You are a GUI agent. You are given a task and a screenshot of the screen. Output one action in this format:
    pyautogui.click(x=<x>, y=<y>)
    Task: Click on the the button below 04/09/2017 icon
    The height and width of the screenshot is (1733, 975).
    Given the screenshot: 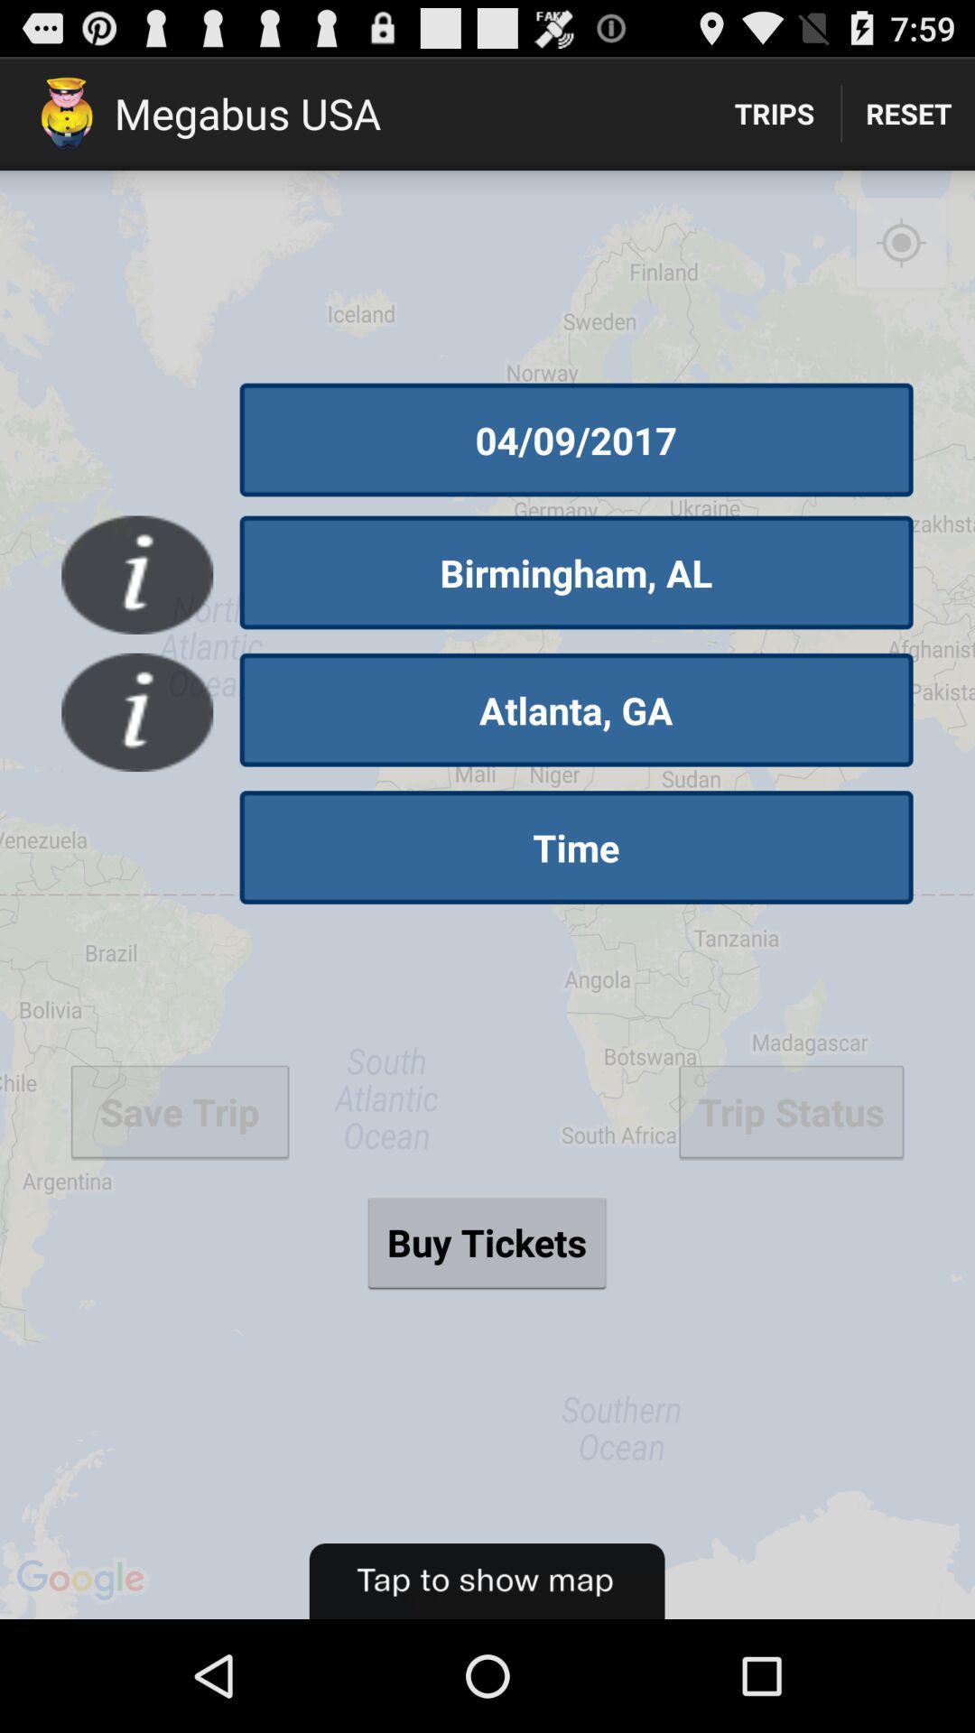 What is the action you would take?
    pyautogui.click(x=576, y=571)
    